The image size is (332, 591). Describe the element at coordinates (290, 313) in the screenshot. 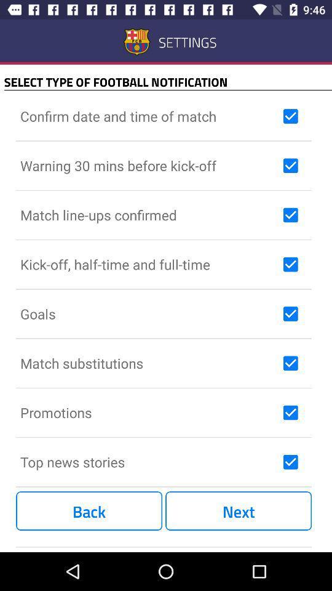

I see `preference notification box` at that location.